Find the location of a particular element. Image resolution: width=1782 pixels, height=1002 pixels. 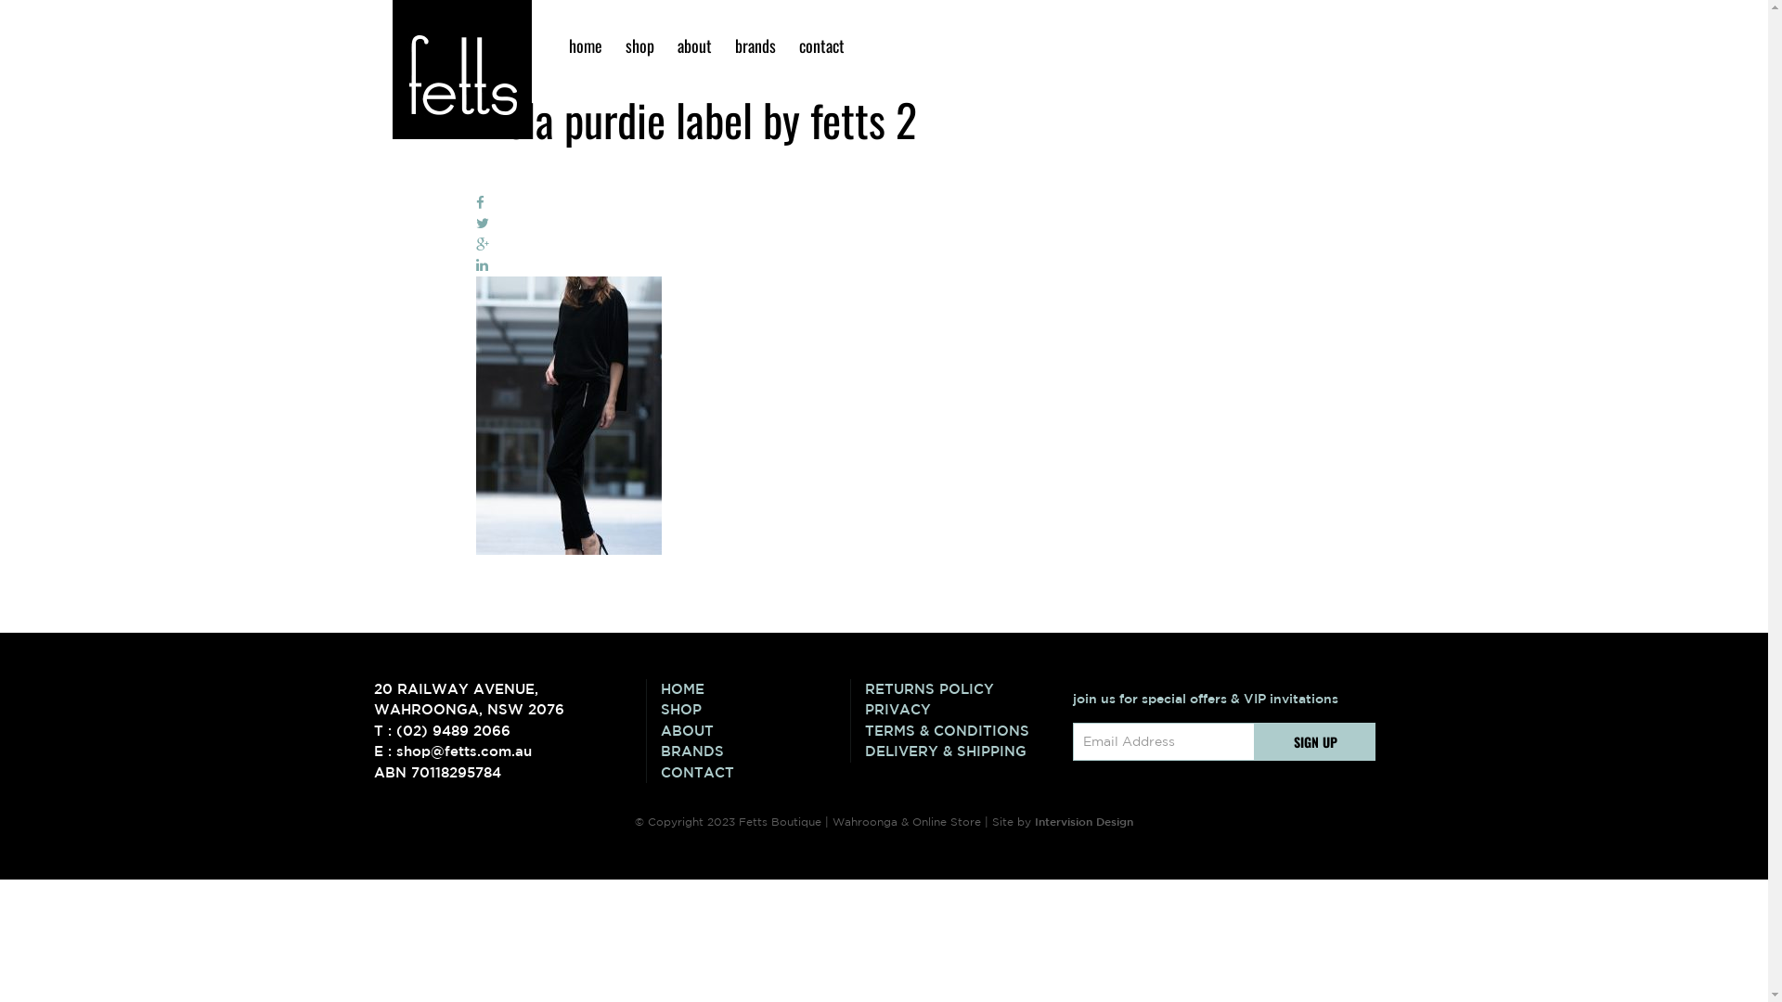

'about' is located at coordinates (668, 45).